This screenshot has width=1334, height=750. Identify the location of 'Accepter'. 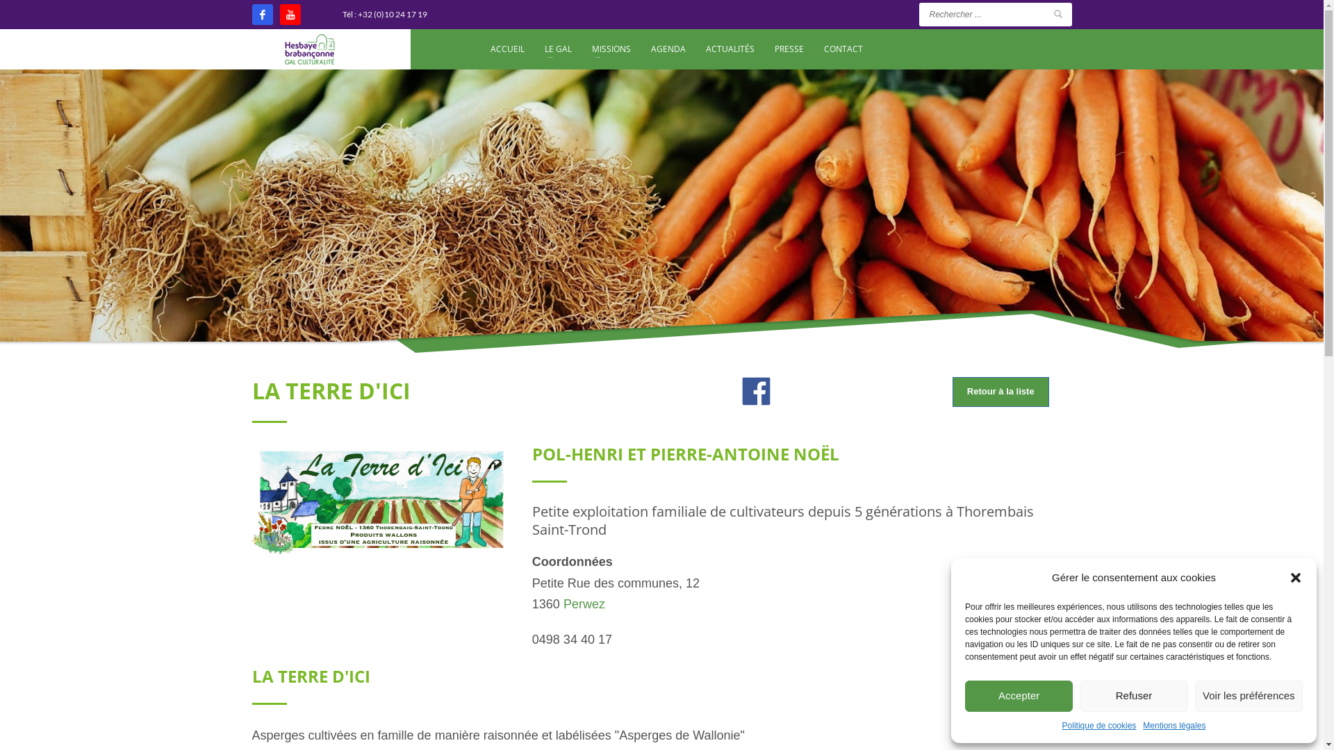
(1019, 696).